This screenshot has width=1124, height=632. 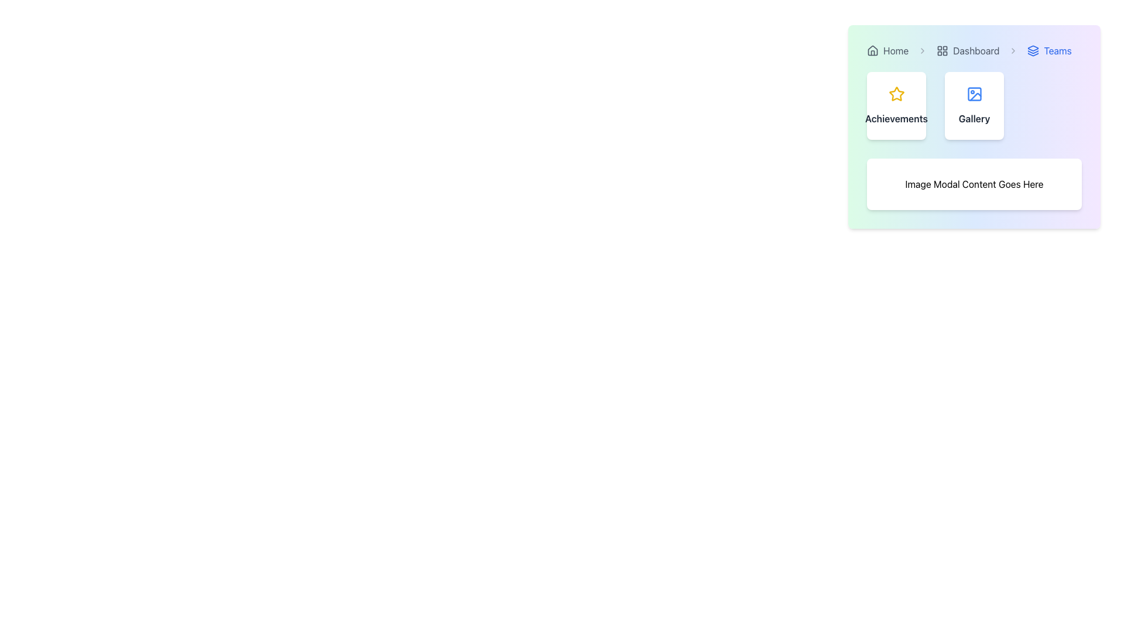 What do you see at coordinates (1050, 50) in the screenshot?
I see `the 'Teams' breadcrumb link with icon, which is the third item in the breadcrumb navigation bar` at bounding box center [1050, 50].